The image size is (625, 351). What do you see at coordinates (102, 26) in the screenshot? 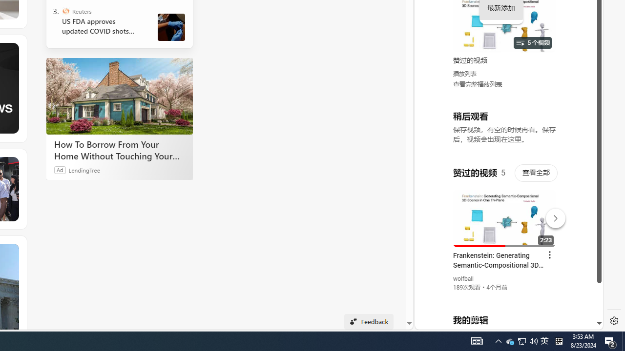
I see `'US FDA approves updated COVID shots ahead of fall and winter'` at bounding box center [102, 26].